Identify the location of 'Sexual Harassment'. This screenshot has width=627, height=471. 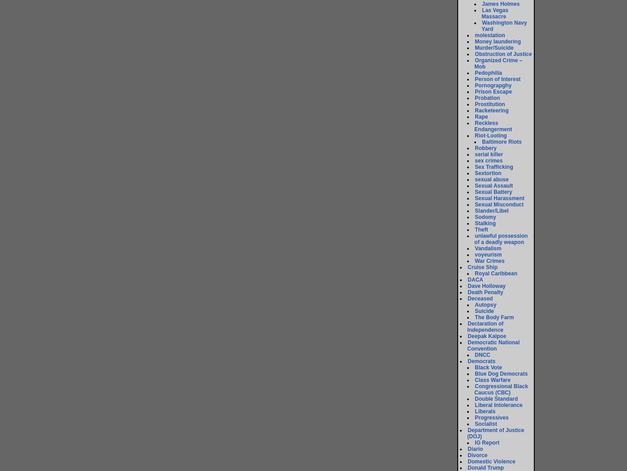
(474, 198).